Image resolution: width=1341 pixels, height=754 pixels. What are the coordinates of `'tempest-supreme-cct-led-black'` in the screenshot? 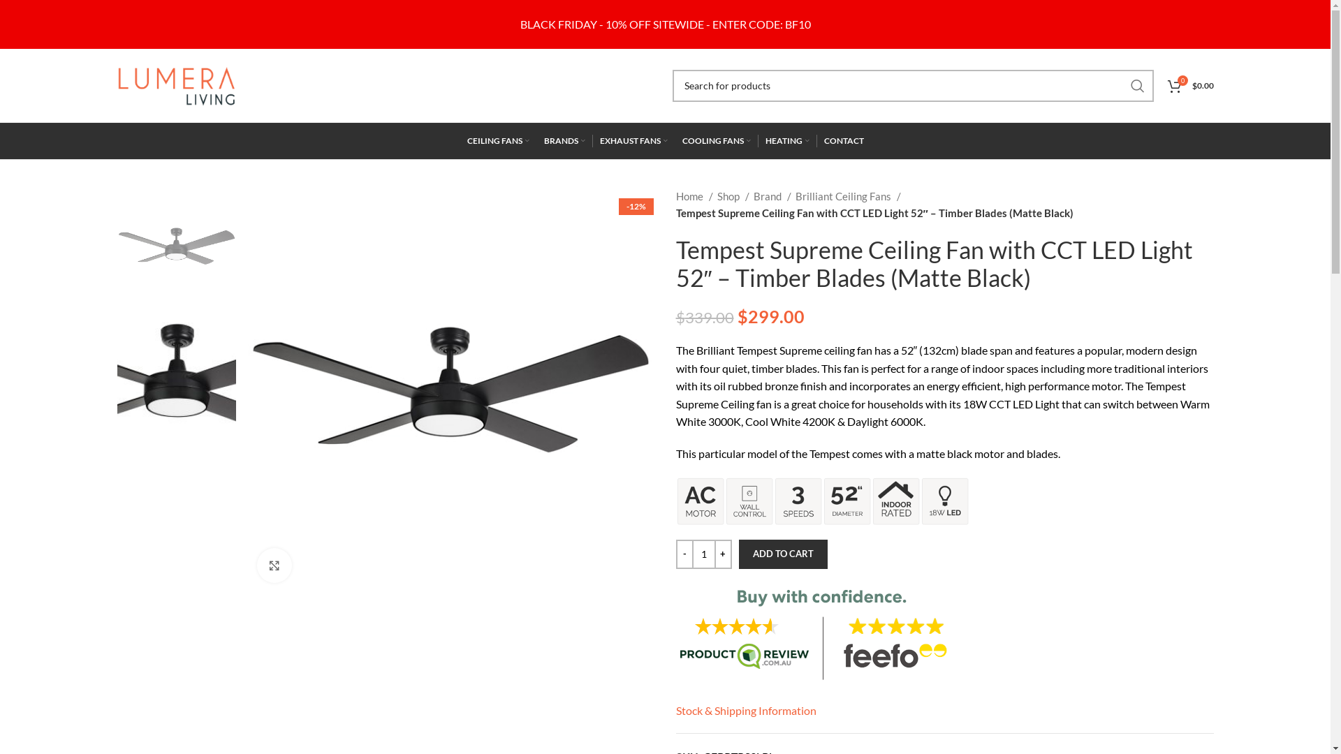 It's located at (450, 390).